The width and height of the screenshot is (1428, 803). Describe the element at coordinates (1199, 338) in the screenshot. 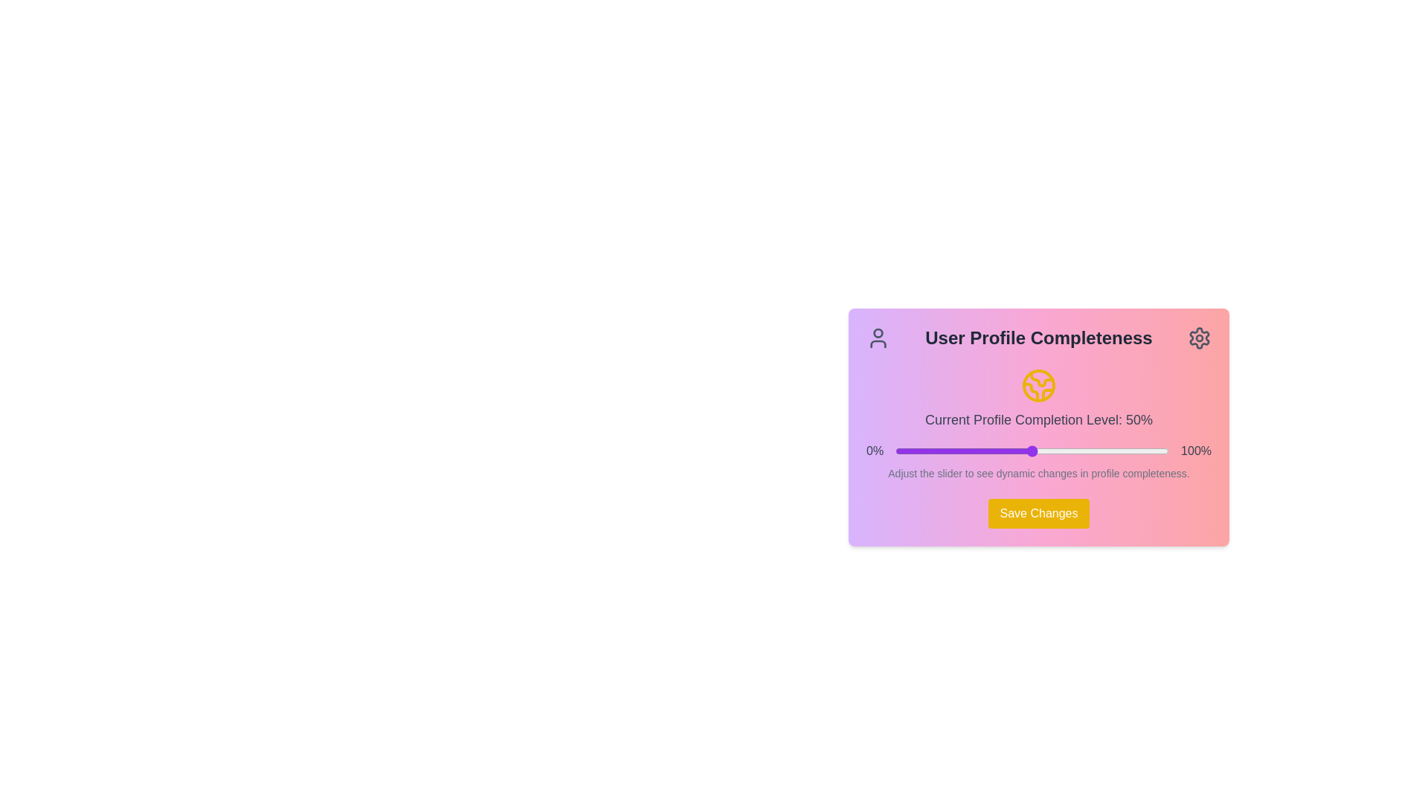

I see `the settings icon located at the top-right corner of the 'User Profile Completeness' widget for keyboard navigation` at that location.